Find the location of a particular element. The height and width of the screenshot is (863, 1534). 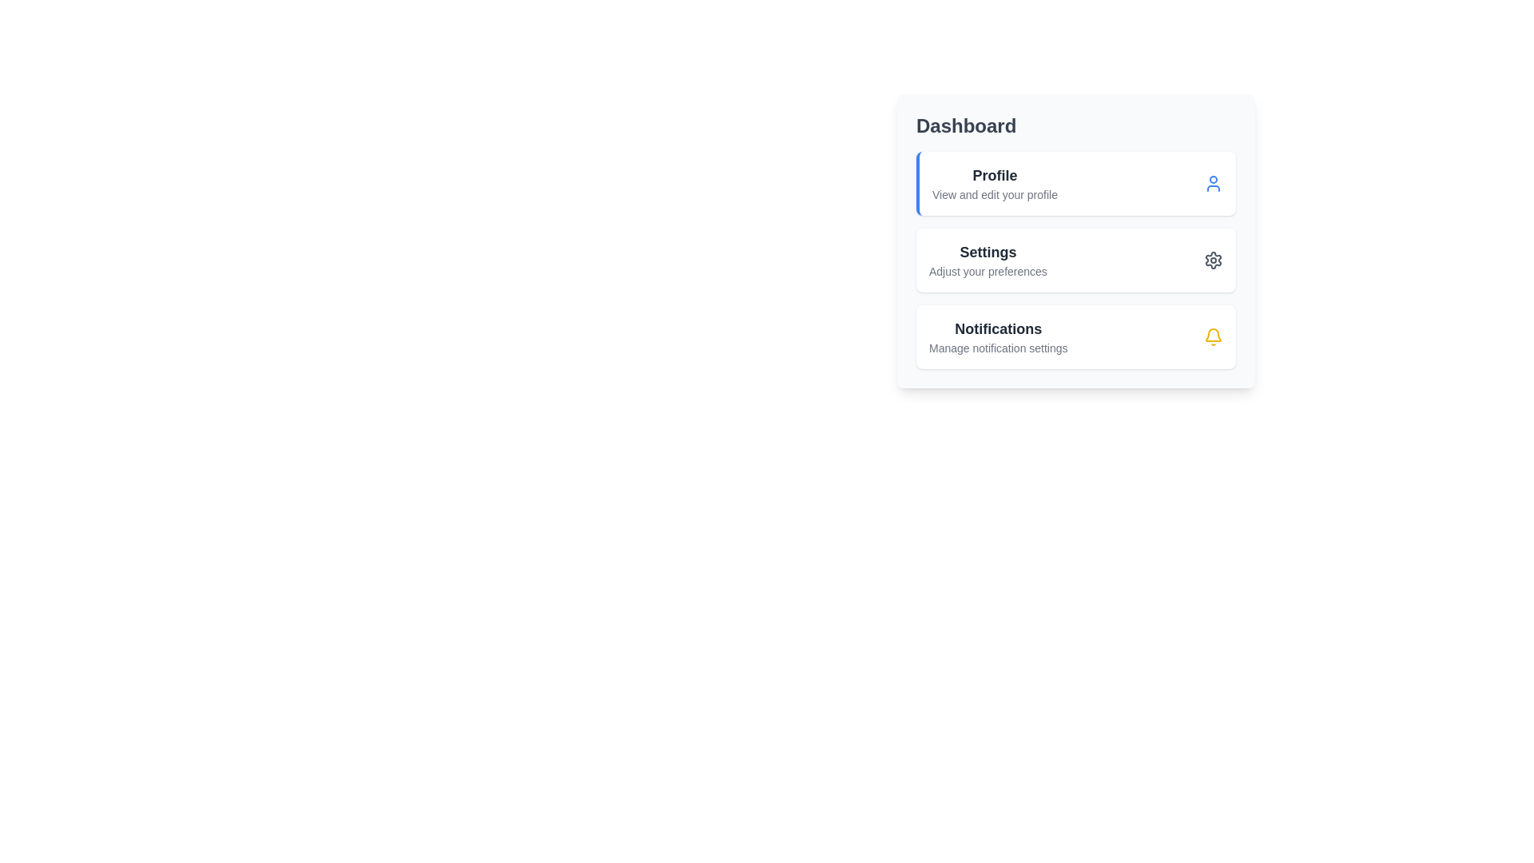

the section header text for notification settings located in the lower third of the vertical stack beneath 'Settings' is located at coordinates (997, 336).